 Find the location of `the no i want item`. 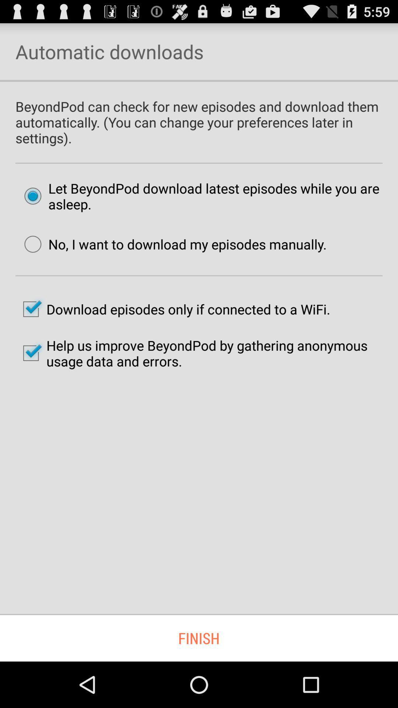

the no i want item is located at coordinates (172, 244).